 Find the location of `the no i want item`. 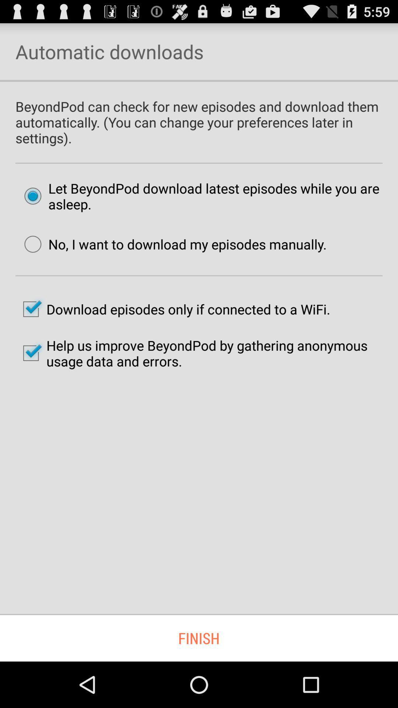

the no i want item is located at coordinates (172, 244).